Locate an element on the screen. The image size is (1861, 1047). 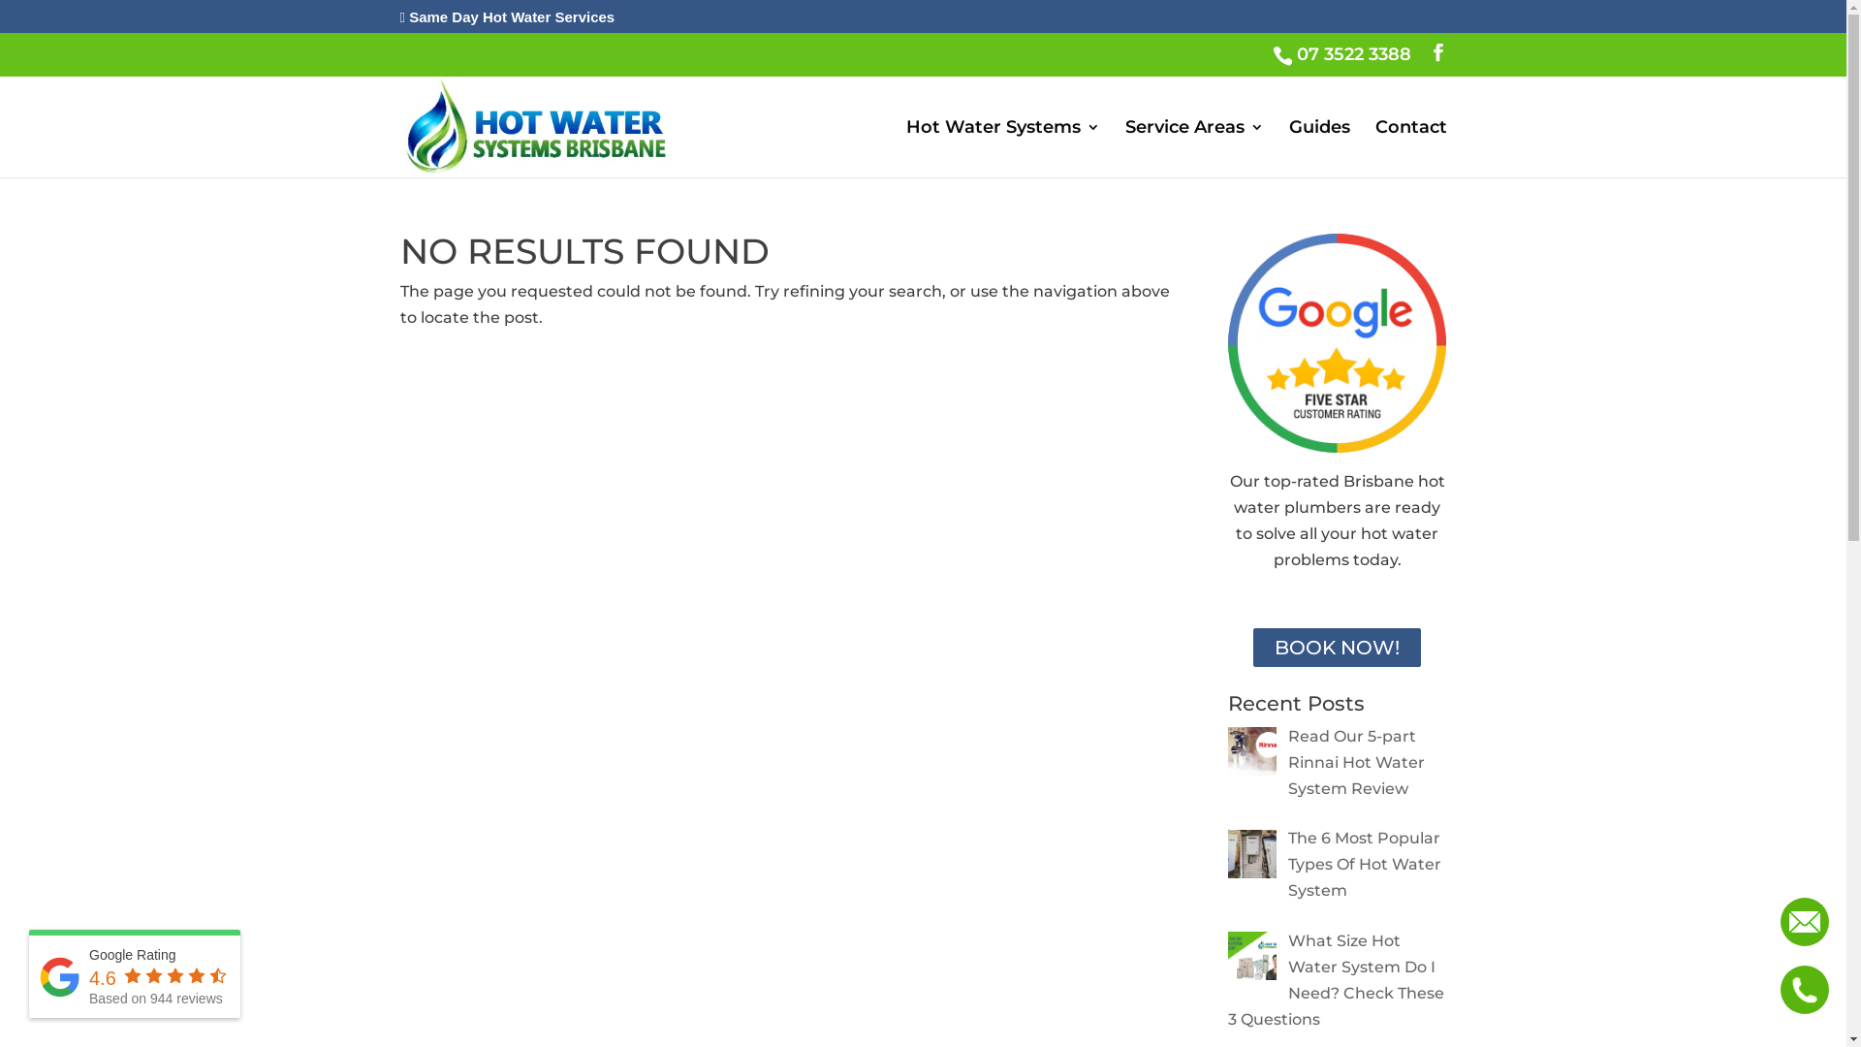
'Service Areas' is located at coordinates (1192, 147).